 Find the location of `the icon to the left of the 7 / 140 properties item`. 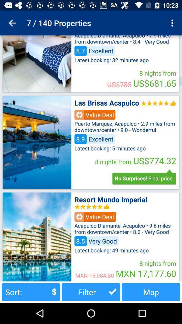

the icon to the left of the 7 / 140 properties item is located at coordinates (12, 23).